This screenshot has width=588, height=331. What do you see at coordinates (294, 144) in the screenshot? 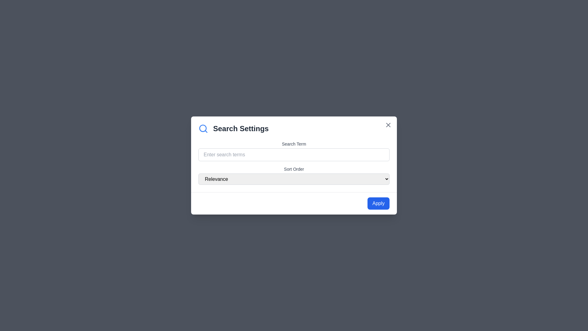
I see `text of the 'Search Term' label, which is positioned above the text input field for entering search terms` at bounding box center [294, 144].